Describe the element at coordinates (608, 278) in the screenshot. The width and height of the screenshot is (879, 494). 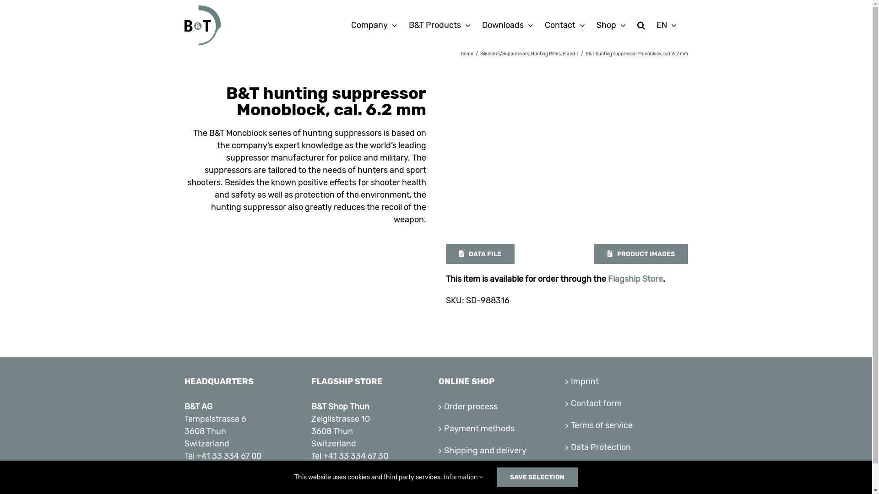
I see `'Flagship Store'` at that location.